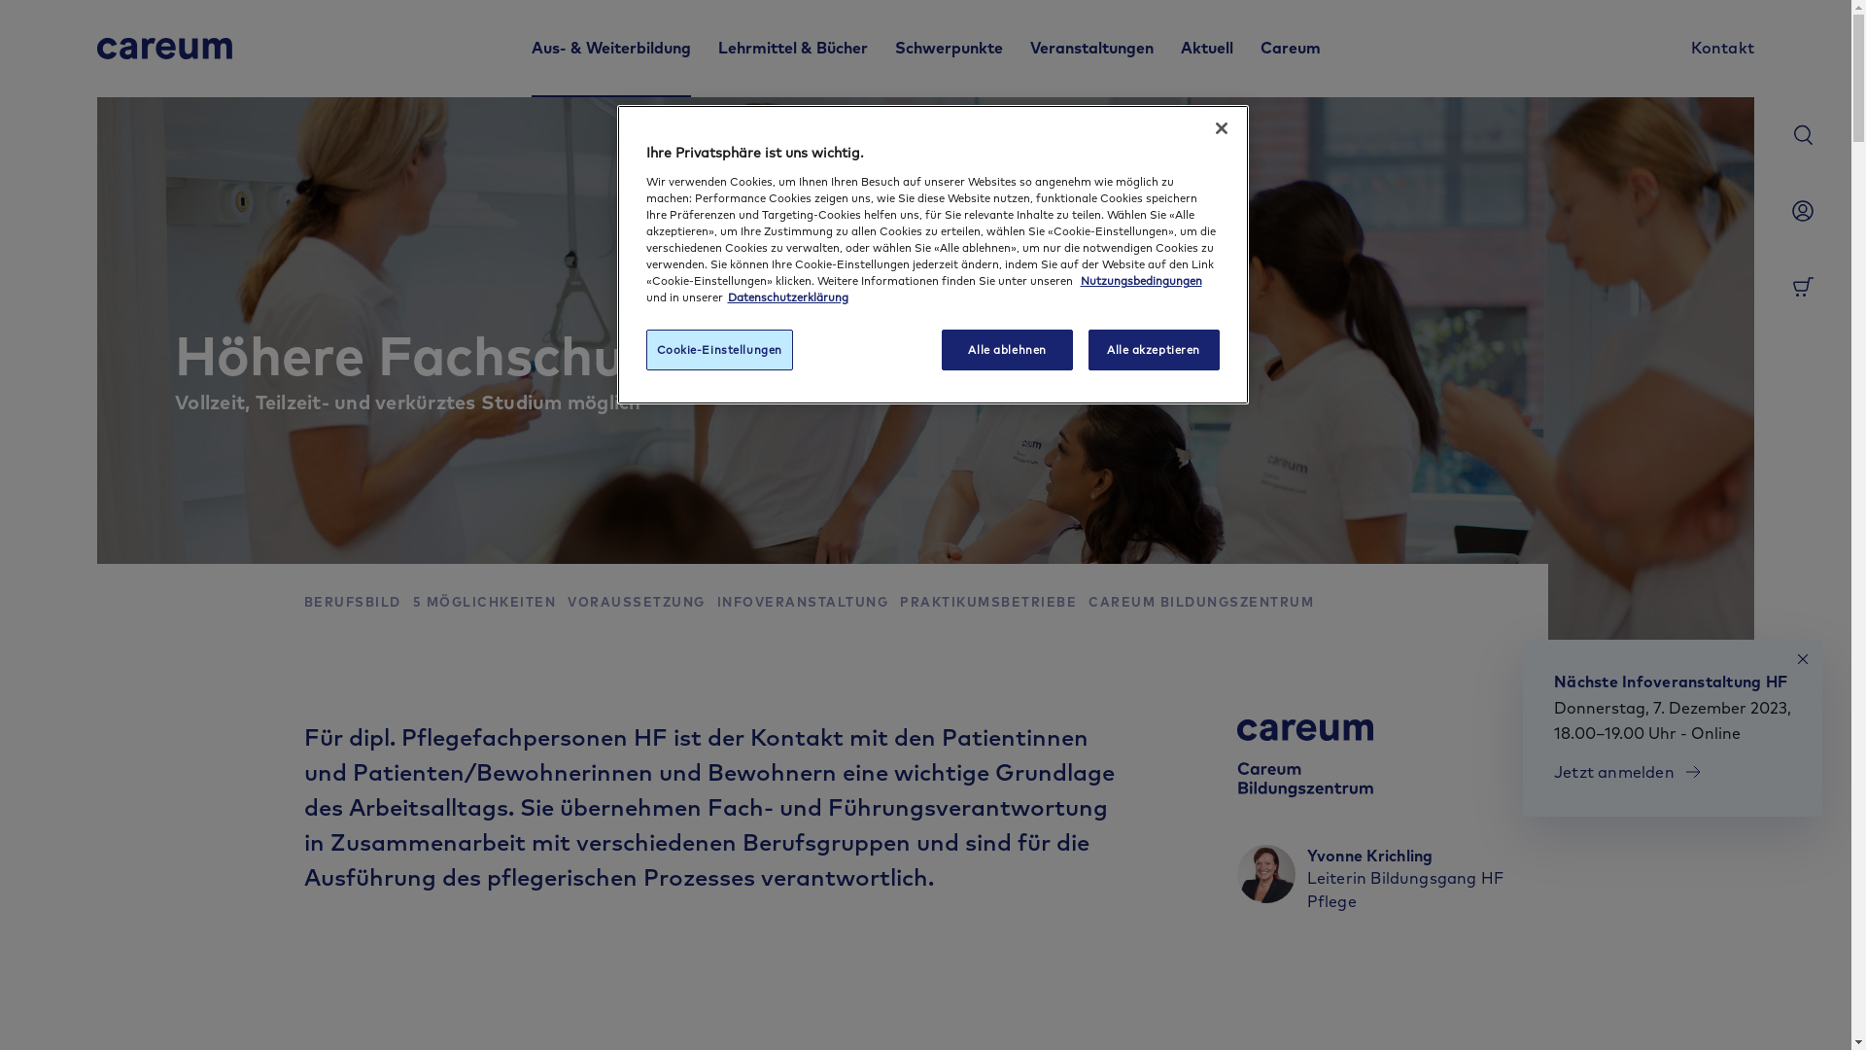 This screenshot has width=1866, height=1050. What do you see at coordinates (1141, 280) in the screenshot?
I see `'Nutzungsbedingungen'` at bounding box center [1141, 280].